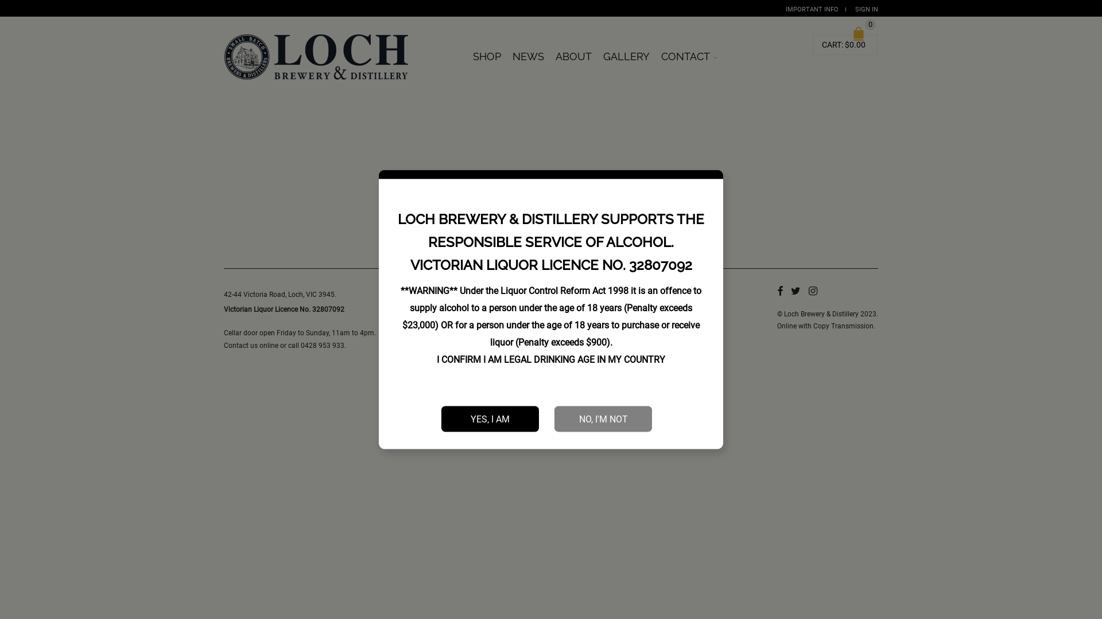  Describe the element at coordinates (843, 326) in the screenshot. I see `'Copy Transmission'` at that location.